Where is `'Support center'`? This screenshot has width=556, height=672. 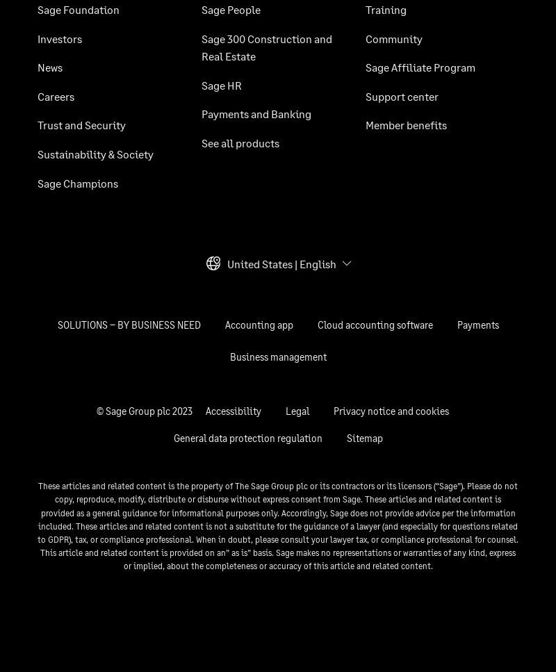
'Support center' is located at coordinates (400, 95).